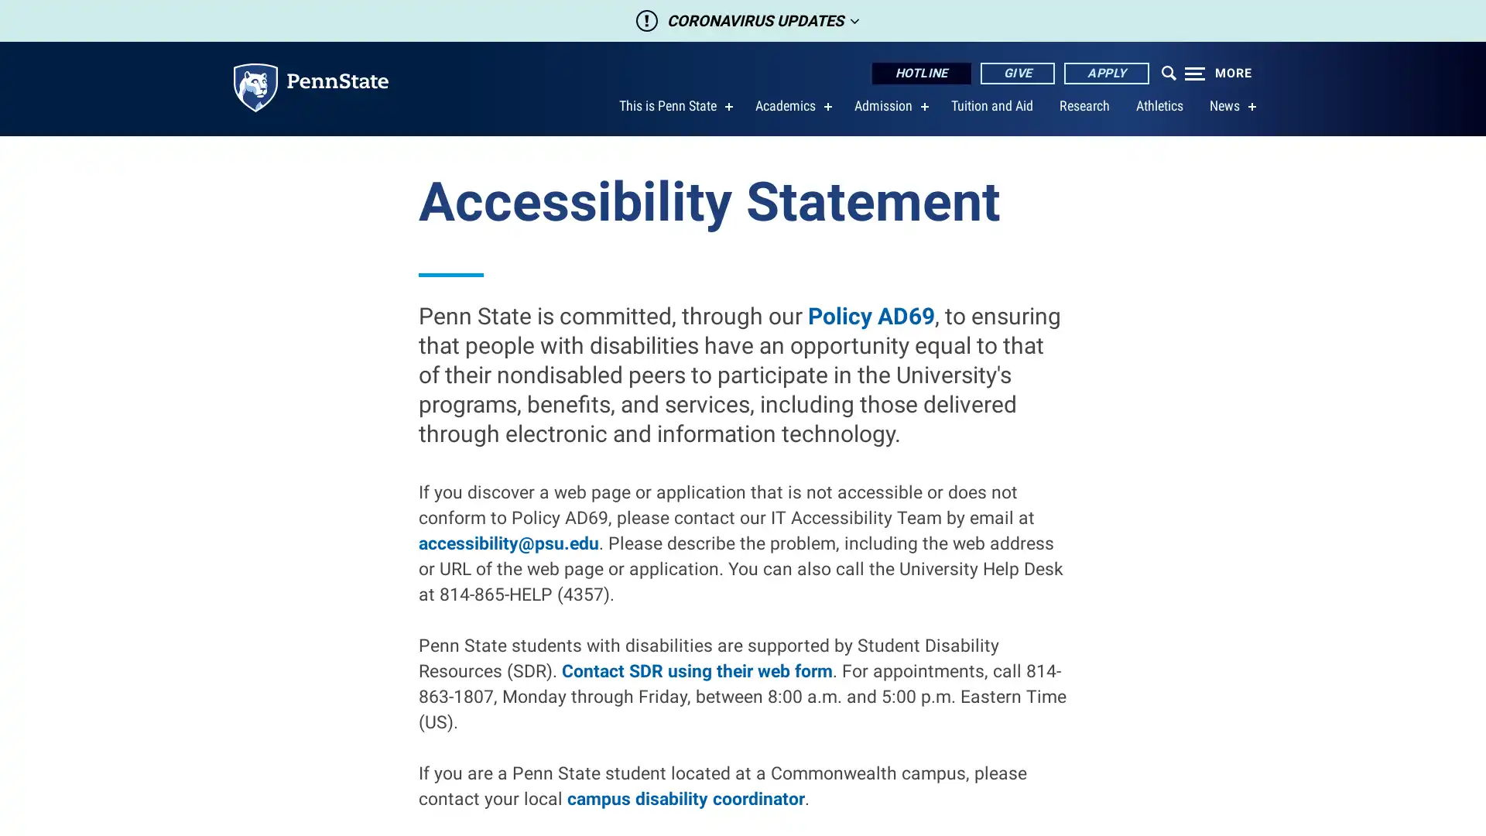  I want to click on Open menu which contains search, so click(1169, 71).